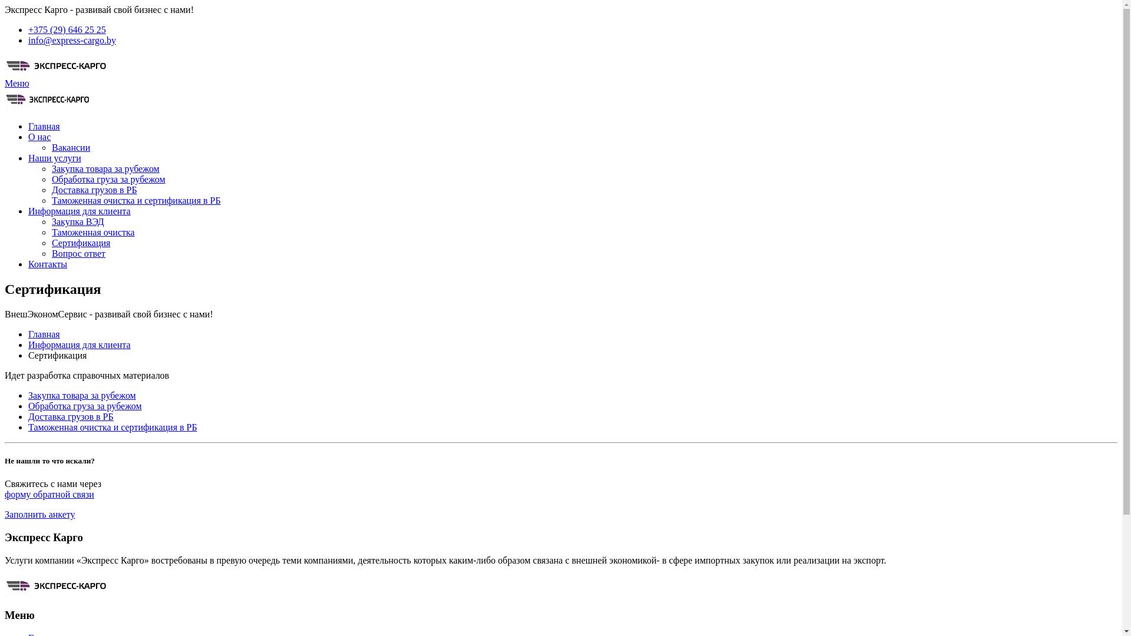 The image size is (1131, 636). Describe the element at coordinates (28, 29) in the screenshot. I see `'+375 (29) 646 25 25'` at that location.